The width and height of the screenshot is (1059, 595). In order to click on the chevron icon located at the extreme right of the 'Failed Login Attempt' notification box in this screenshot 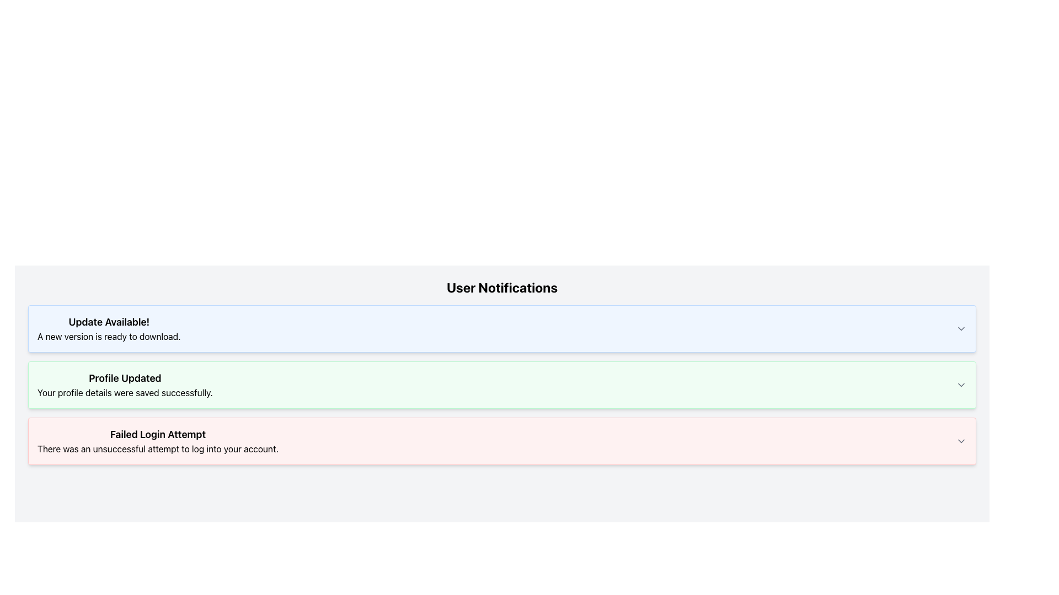, I will do `click(960, 441)`.